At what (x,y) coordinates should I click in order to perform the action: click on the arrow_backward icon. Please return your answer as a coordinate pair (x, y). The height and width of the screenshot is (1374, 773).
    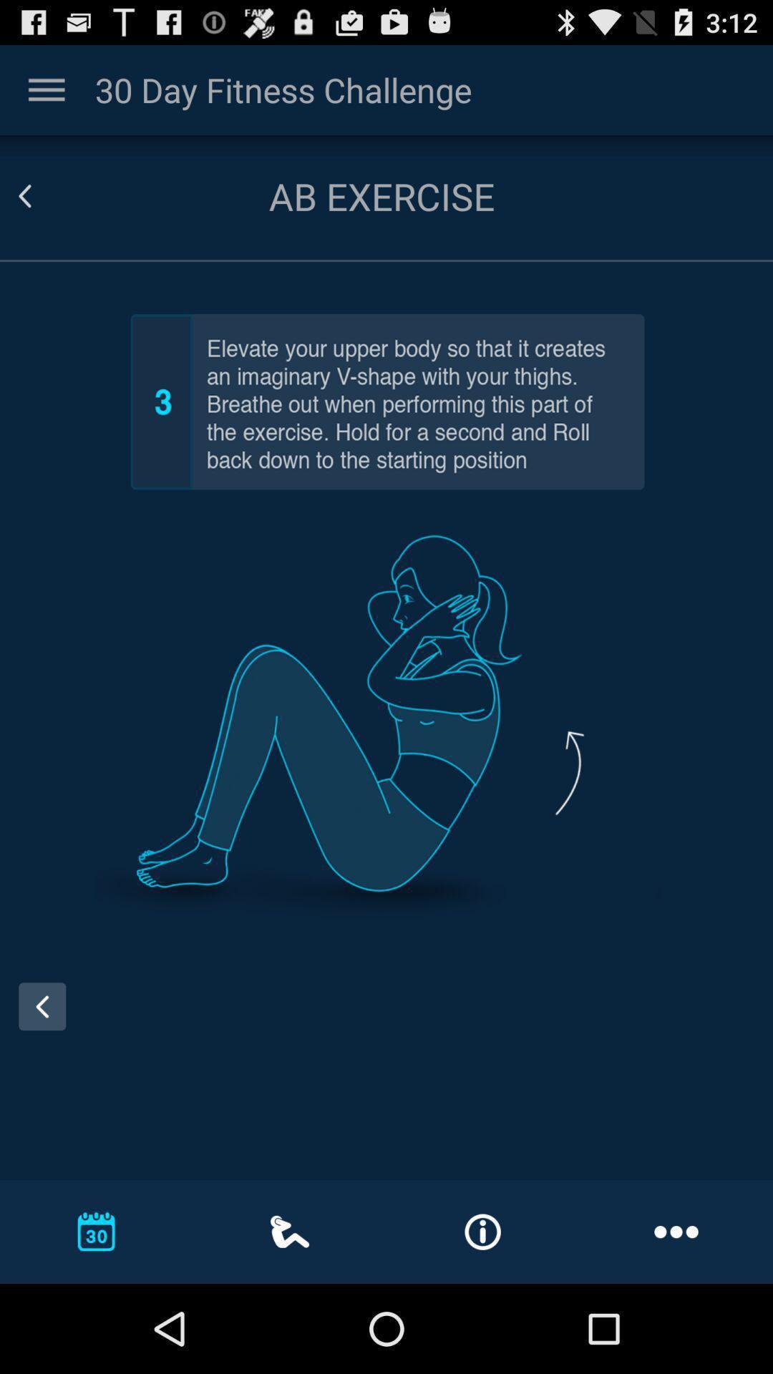
    Looking at the image, I should click on (42, 1077).